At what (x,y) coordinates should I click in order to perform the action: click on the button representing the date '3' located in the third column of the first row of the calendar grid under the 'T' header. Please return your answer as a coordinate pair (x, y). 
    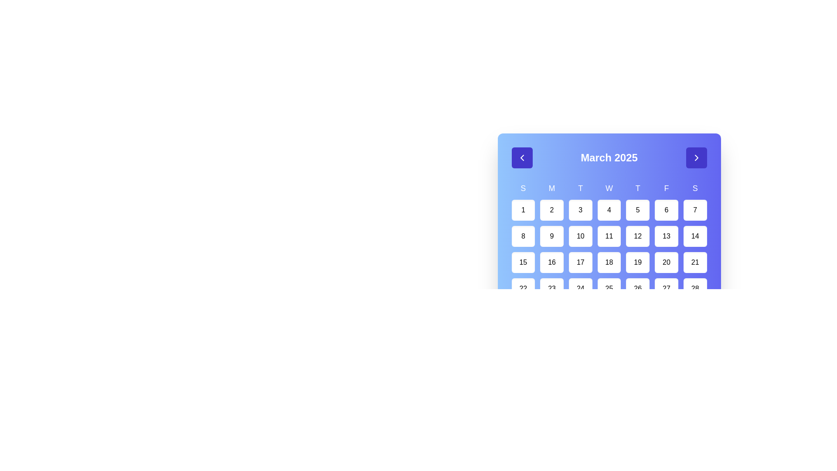
    Looking at the image, I should click on (580, 210).